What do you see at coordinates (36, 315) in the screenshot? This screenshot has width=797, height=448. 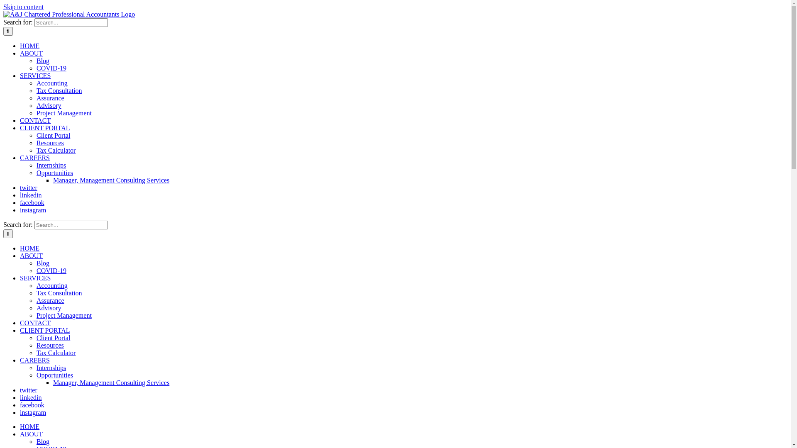 I see `'Project Management'` at bounding box center [36, 315].